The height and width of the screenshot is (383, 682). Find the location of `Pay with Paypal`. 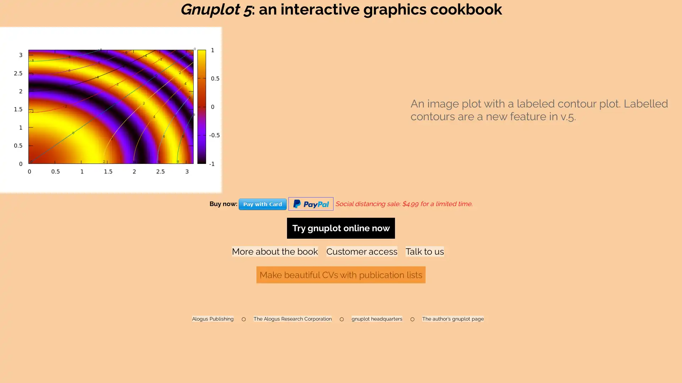

Pay with Paypal is located at coordinates (310, 204).